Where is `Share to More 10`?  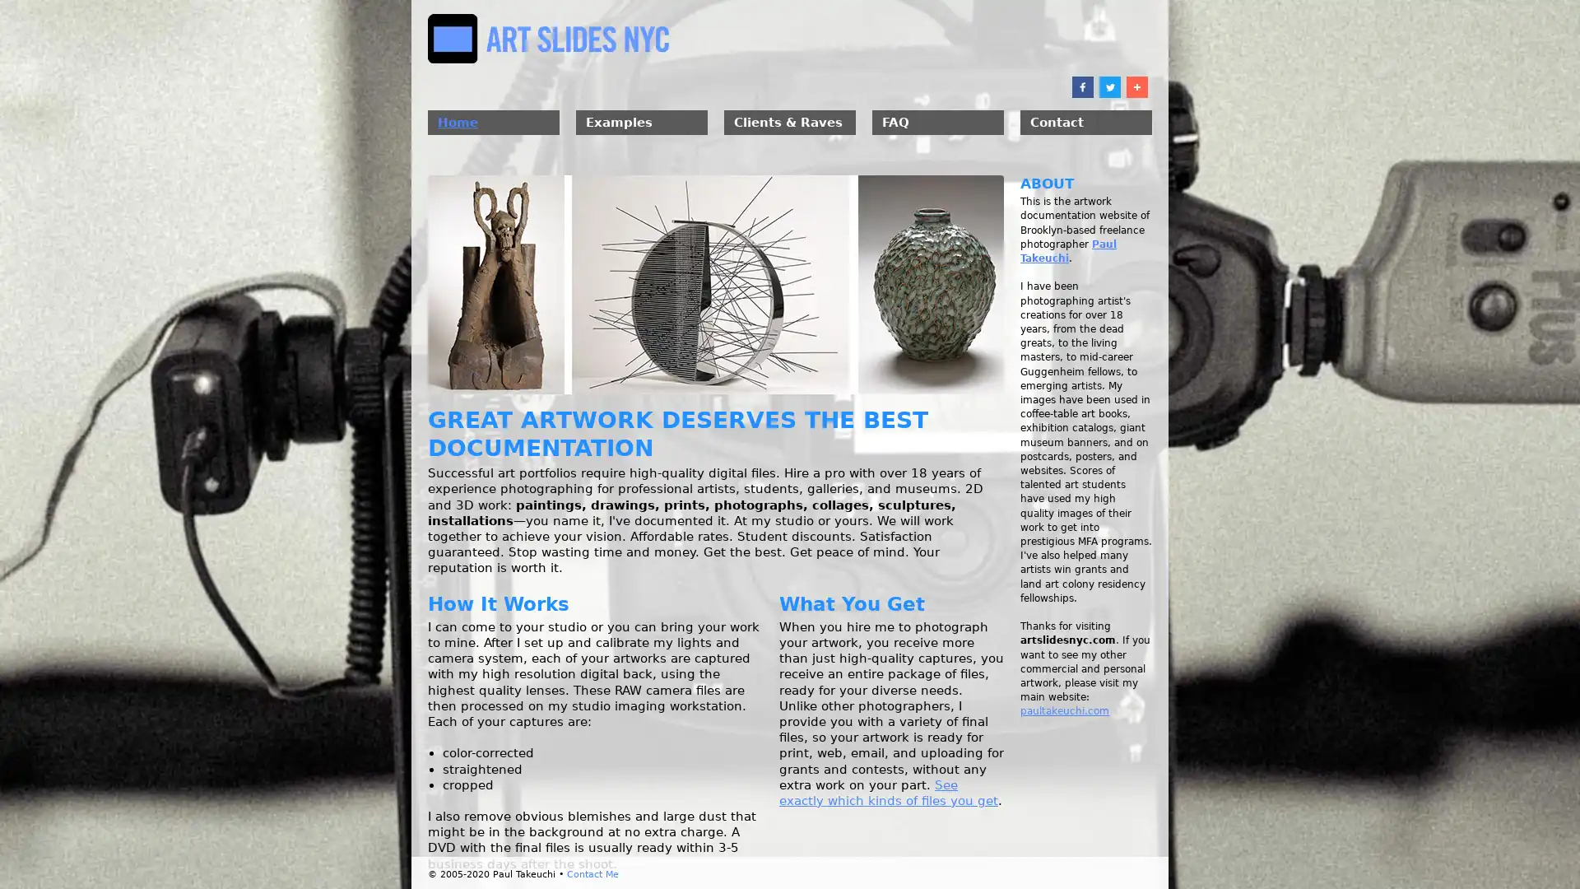
Share to More 10 is located at coordinates (1127, 86).